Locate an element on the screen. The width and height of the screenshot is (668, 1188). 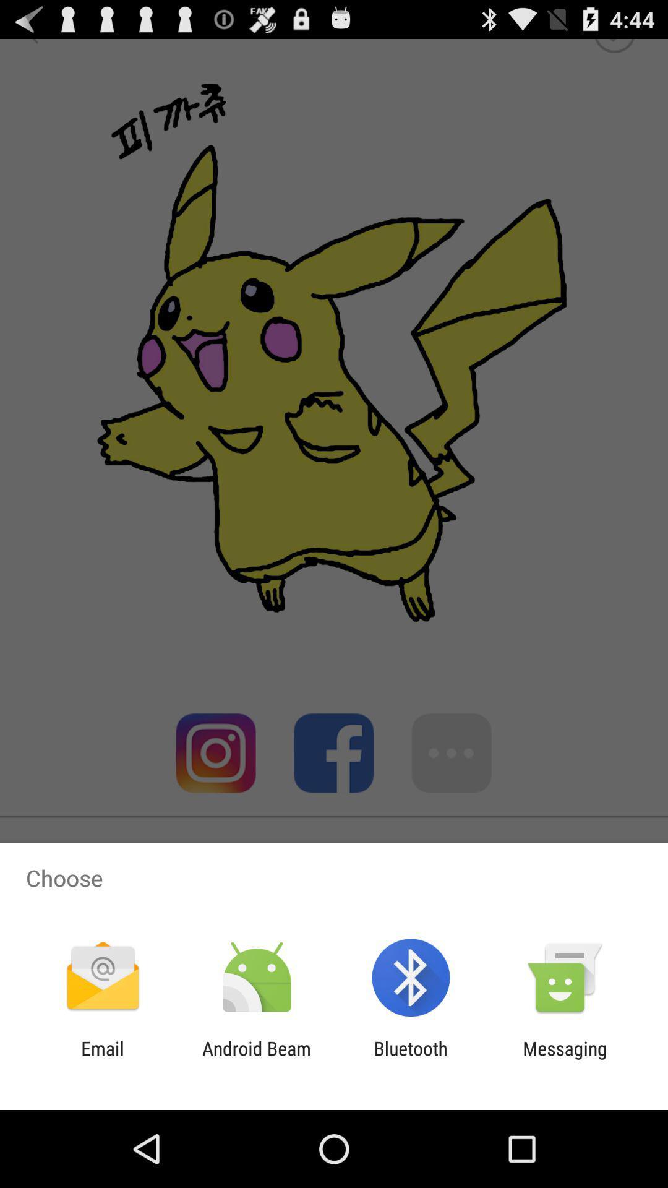
the item next to bluetooth item is located at coordinates (256, 1059).